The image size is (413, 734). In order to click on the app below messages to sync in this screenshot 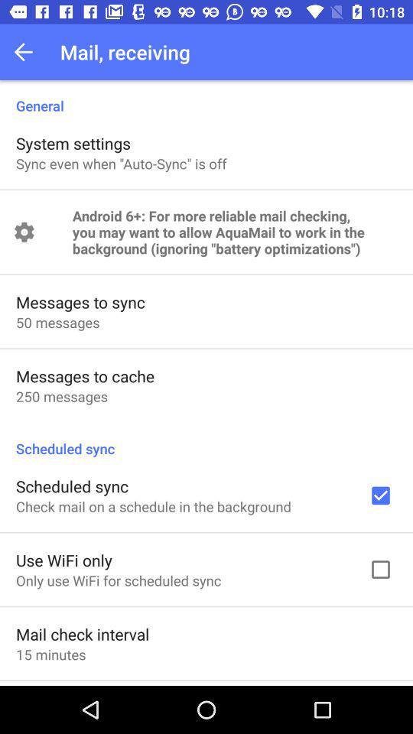, I will do `click(57, 322)`.